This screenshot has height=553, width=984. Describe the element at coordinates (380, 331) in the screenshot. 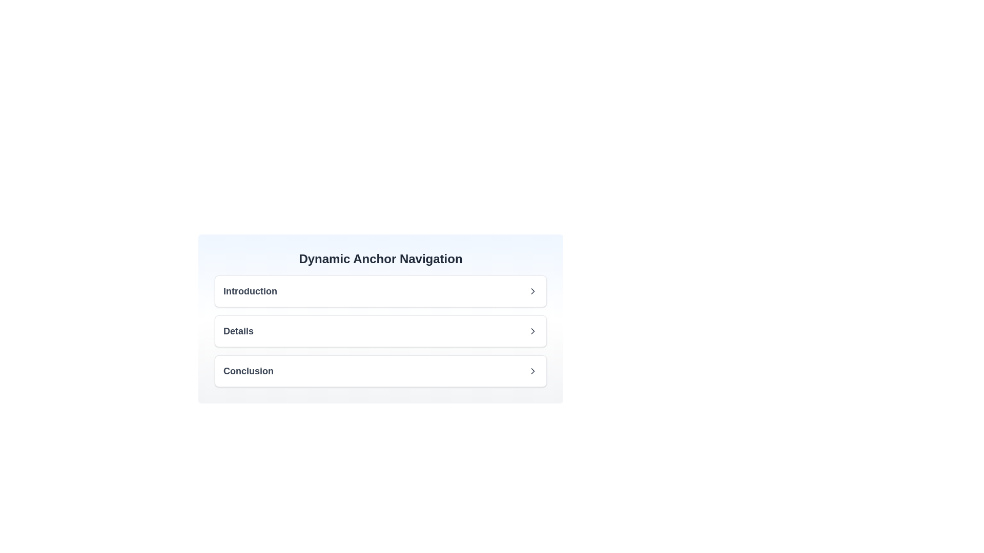

I see `the navigational link or button labeled 'Details' located in the middle section of the 'Dynamic Anchor Navigation', between 'Introduction' and 'Conclusion'` at that location.